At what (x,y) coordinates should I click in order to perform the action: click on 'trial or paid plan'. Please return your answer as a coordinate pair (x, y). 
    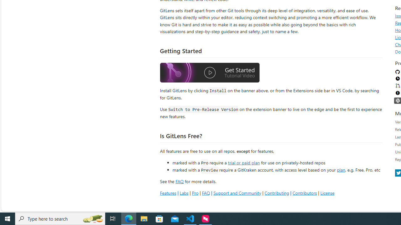
    Looking at the image, I should click on (243, 162).